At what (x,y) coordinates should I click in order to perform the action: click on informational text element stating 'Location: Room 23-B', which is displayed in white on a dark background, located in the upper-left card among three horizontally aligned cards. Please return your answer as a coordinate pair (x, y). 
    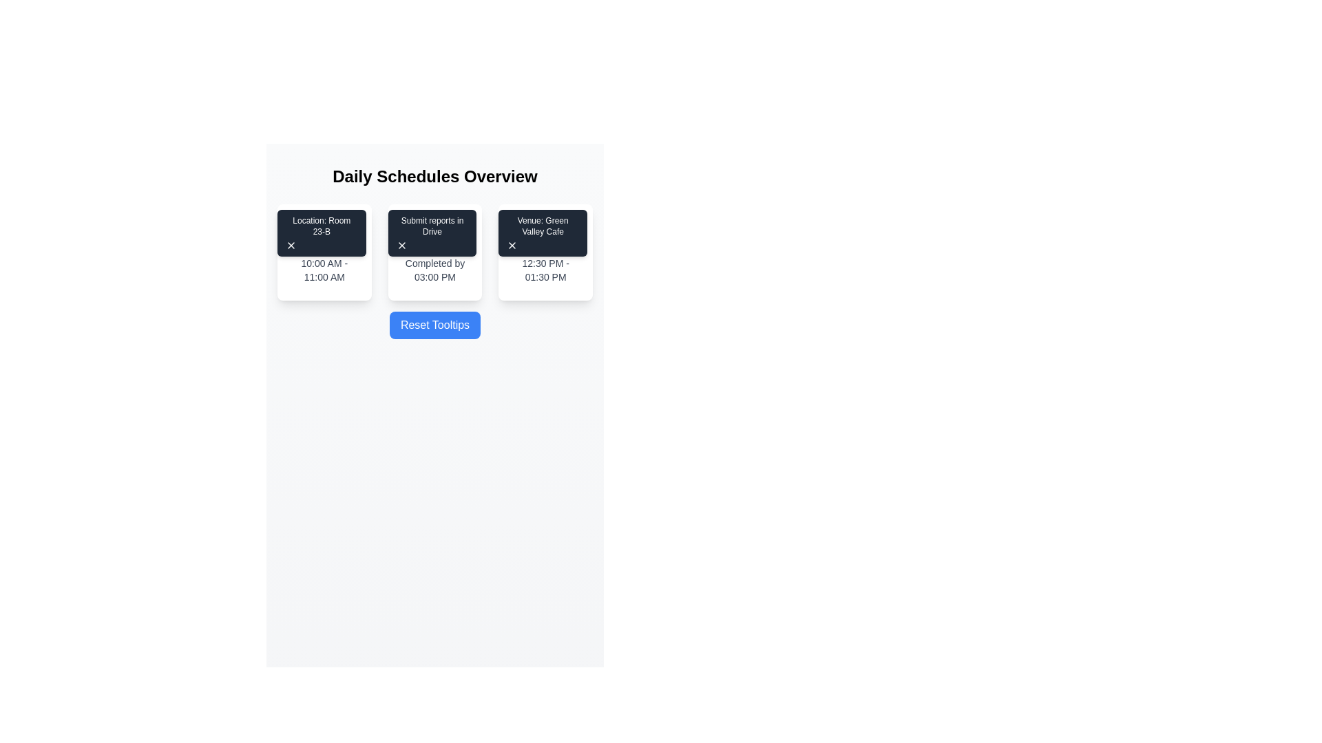
    Looking at the image, I should click on (321, 225).